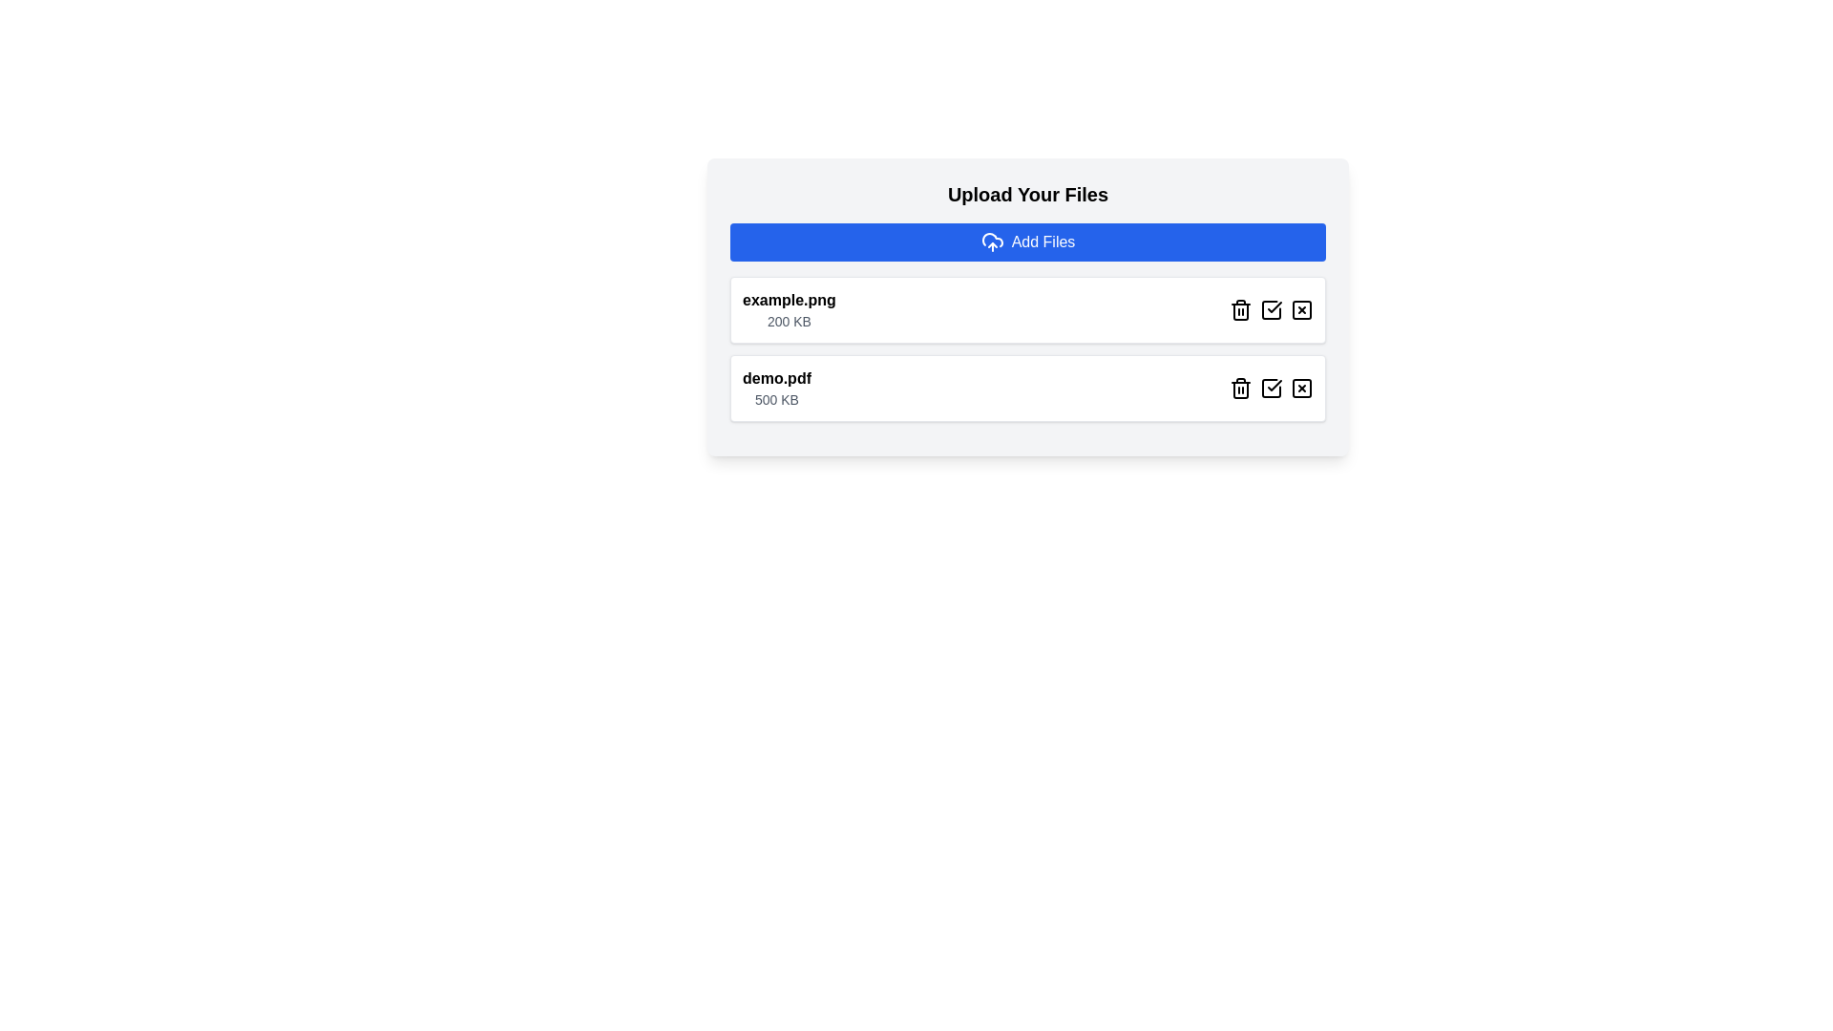  I want to click on the text label displaying the file name 'example.png' and its size '200 KB', so click(789, 308).